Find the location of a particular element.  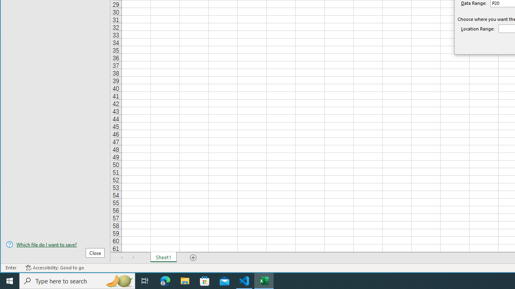

'Scroll Right' is located at coordinates (133, 257).